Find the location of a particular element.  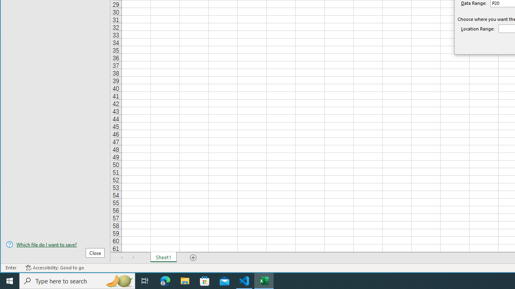

'Scroll Right' is located at coordinates (133, 257).